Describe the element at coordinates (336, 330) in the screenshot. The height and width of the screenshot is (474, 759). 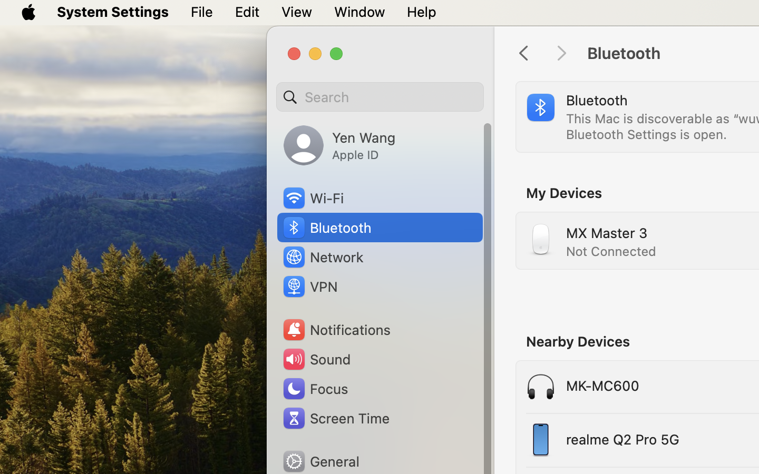
I see `'Notifications'` at that location.